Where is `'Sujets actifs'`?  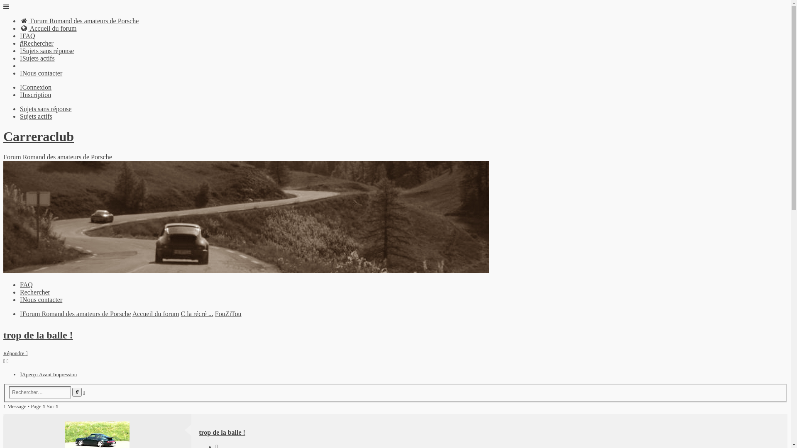 'Sujets actifs' is located at coordinates (37, 58).